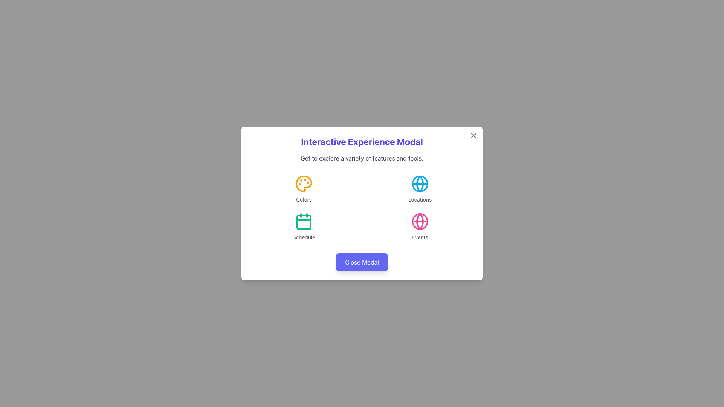 This screenshot has height=407, width=724. What do you see at coordinates (419, 184) in the screenshot?
I see `the 'Locations' icon, which is centrally located within the 'Locations' section of the modal in the top-right region of the interactive grid` at bounding box center [419, 184].